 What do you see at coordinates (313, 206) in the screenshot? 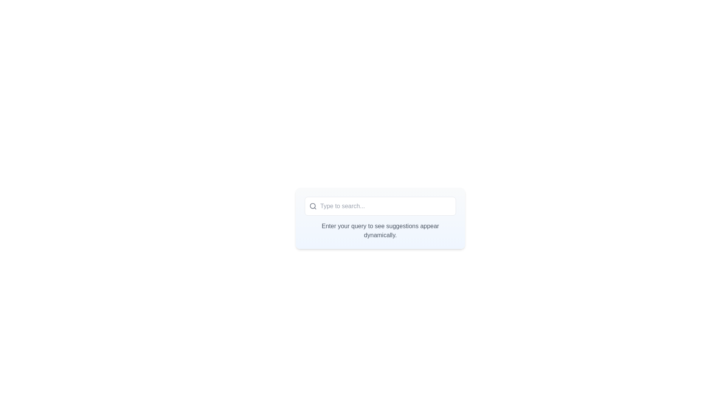
I see `the SVG Circle element that visually represents the lens part of a search icon, which indicates search functionality but is not interactive` at bounding box center [313, 206].